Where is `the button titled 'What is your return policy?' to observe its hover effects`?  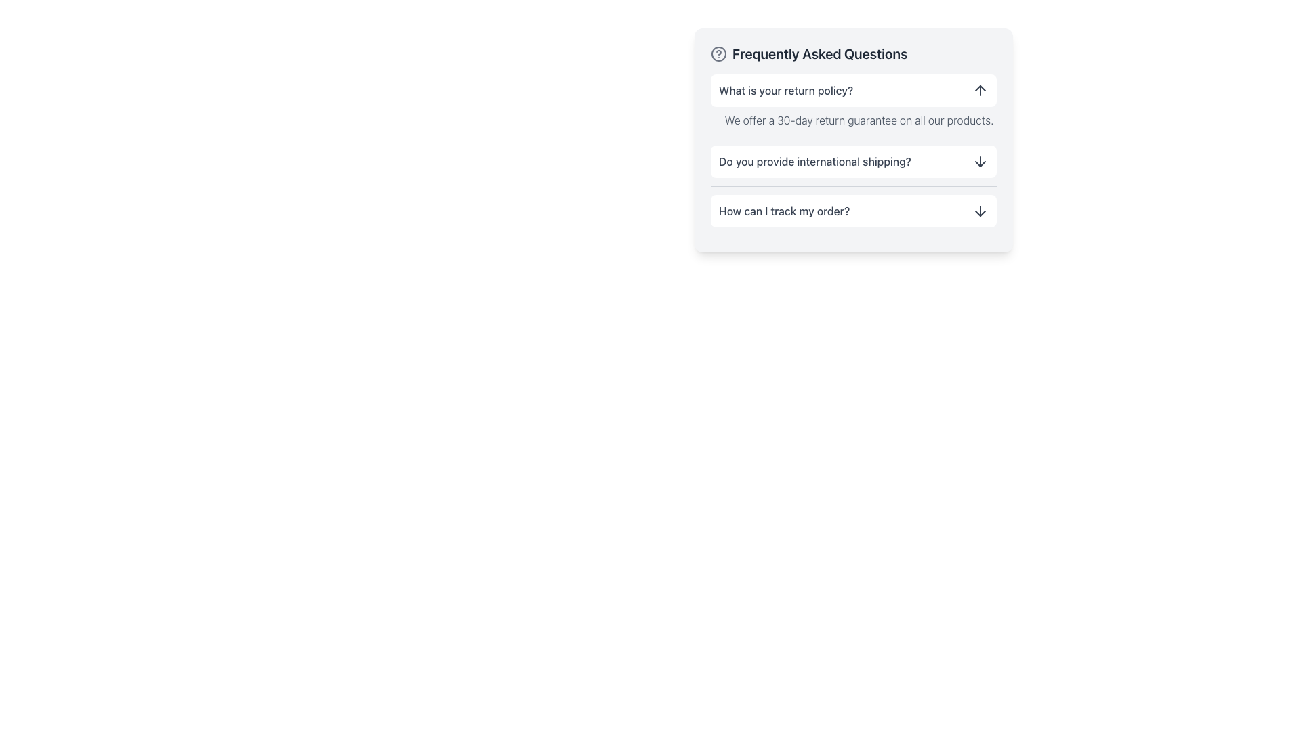
the button titled 'What is your return policy?' to observe its hover effects is located at coordinates (852, 91).